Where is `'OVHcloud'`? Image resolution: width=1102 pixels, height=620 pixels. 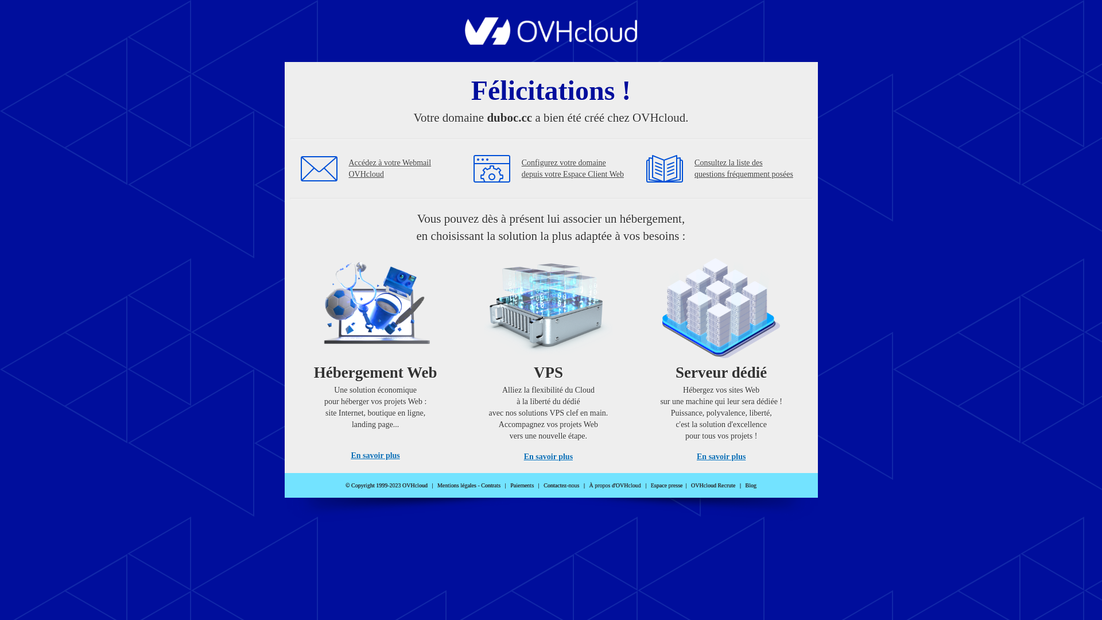
'OVHcloud' is located at coordinates (551, 41).